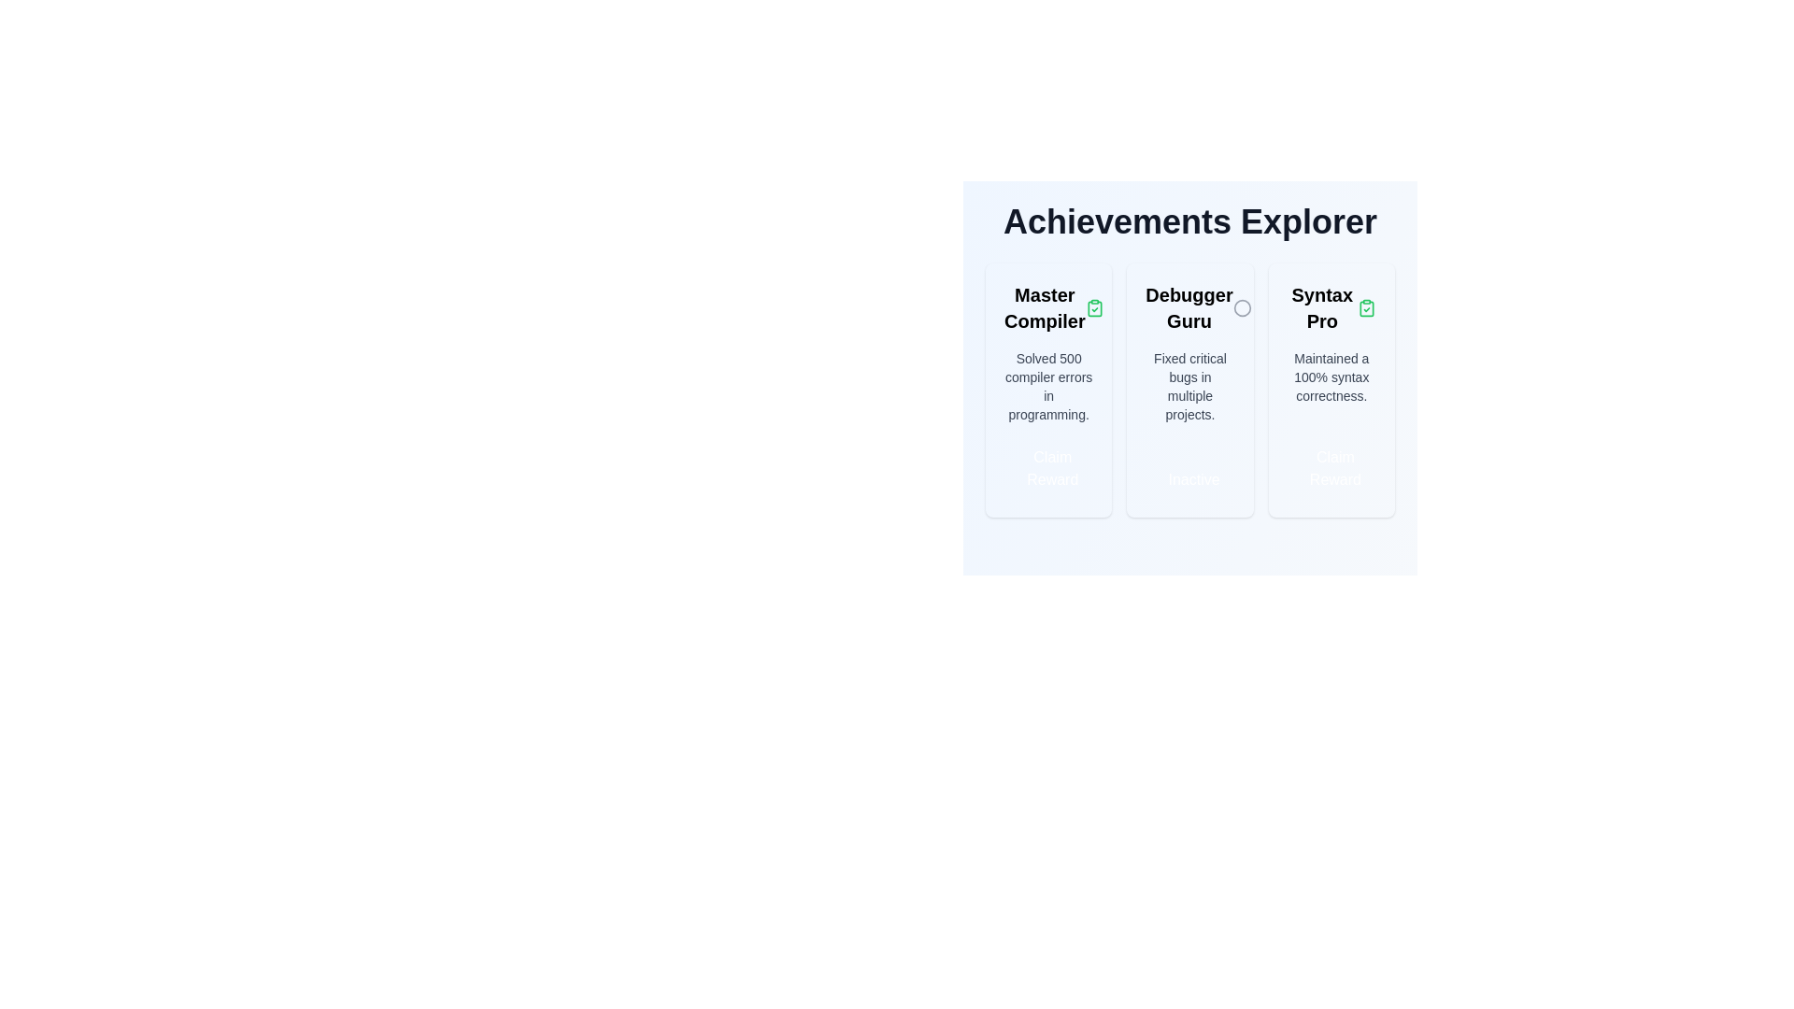 Image resolution: width=1794 pixels, height=1009 pixels. What do you see at coordinates (1242, 307) in the screenshot?
I see `the circular icon styled as an outlined circle with a gray shade, located directly to the right of the 'Debugger Guru' heading` at bounding box center [1242, 307].